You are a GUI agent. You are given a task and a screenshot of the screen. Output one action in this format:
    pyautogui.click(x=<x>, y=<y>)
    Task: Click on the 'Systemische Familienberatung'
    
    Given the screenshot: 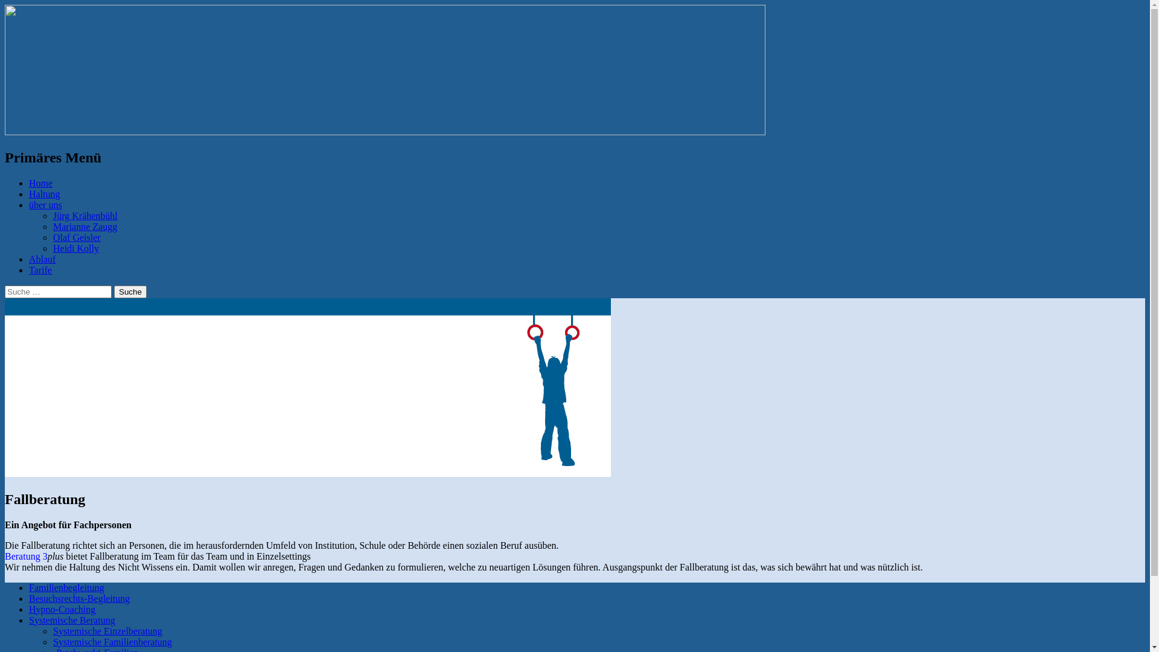 What is the action you would take?
    pyautogui.click(x=112, y=641)
    